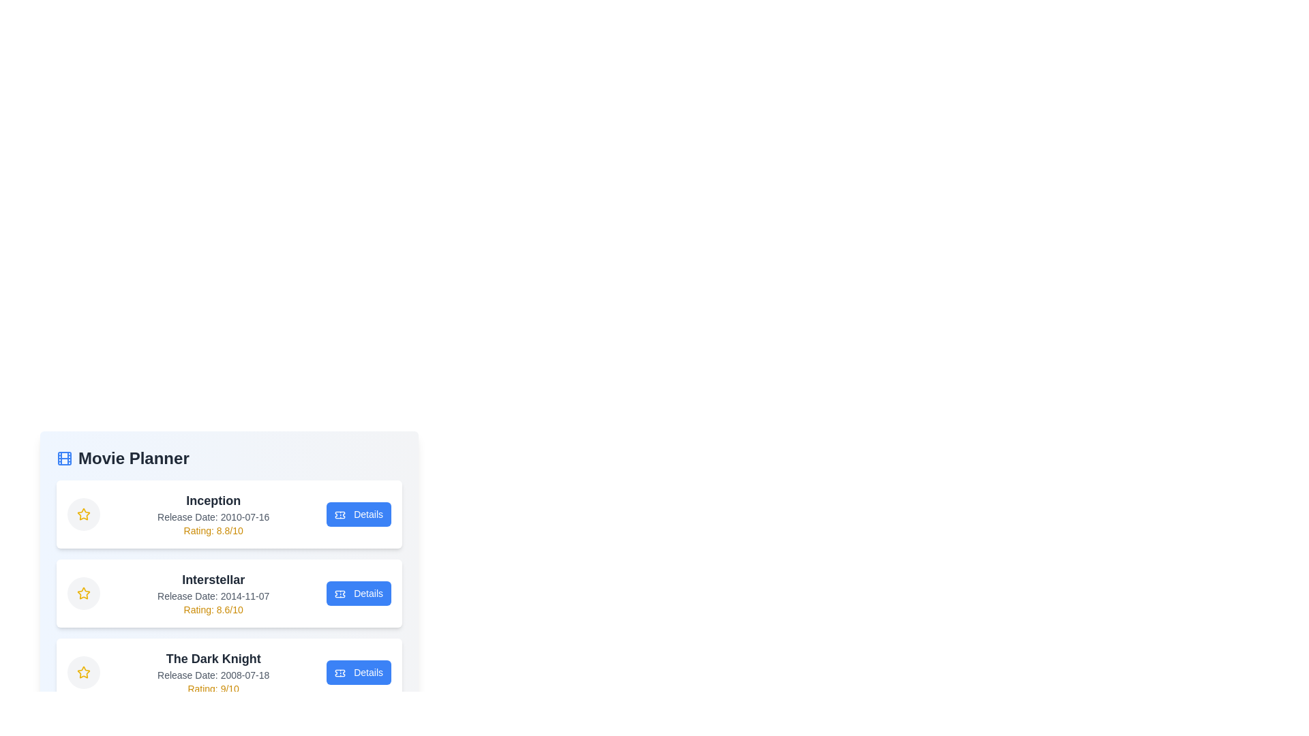 The width and height of the screenshot is (1309, 736). Describe the element at coordinates (359, 672) in the screenshot. I see `the 'Details' button for the movie The Dark Knight` at that location.